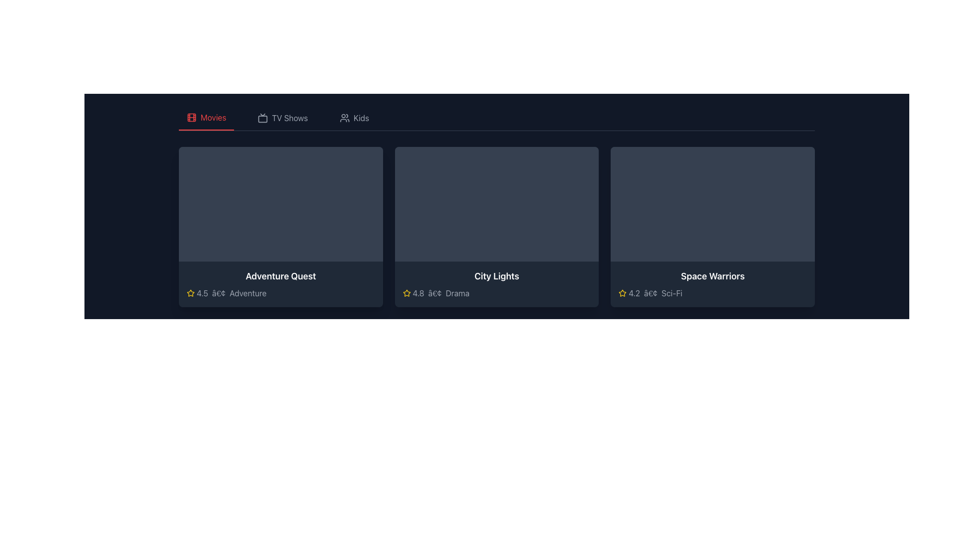 This screenshot has width=954, height=536. I want to click on the textual symbol that visually separates the numerical rating '4.5' and the genre label 'Adventure', positioned as the third item in a horizontal arrangement following a star icon, so click(218, 292).